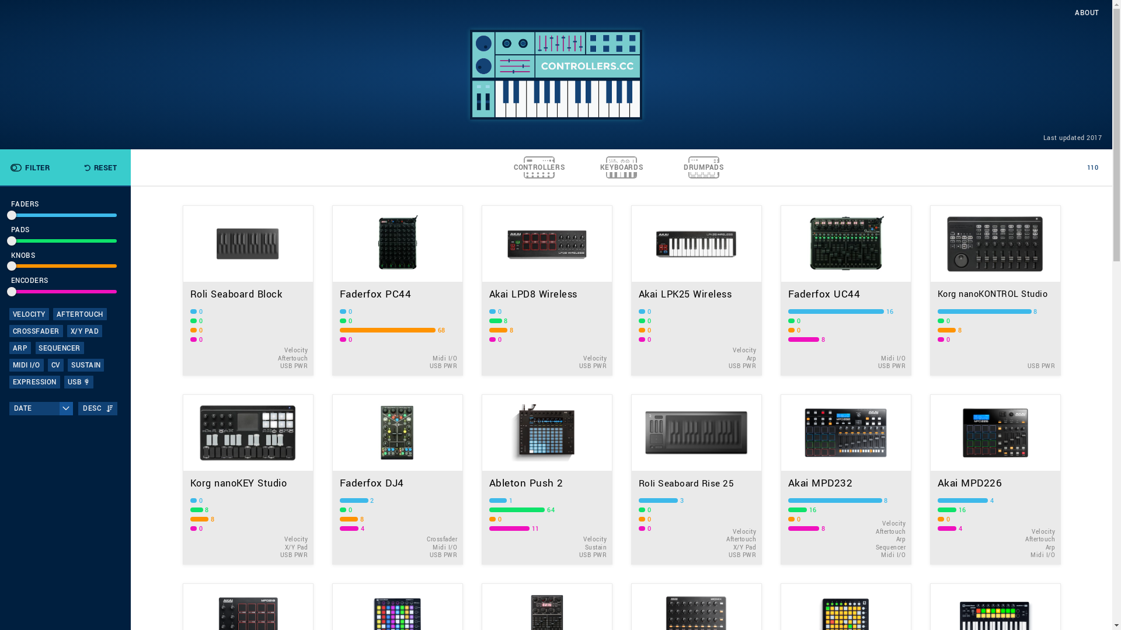  What do you see at coordinates (397, 479) in the screenshot?
I see `'Faderfox DJ4` at bounding box center [397, 479].